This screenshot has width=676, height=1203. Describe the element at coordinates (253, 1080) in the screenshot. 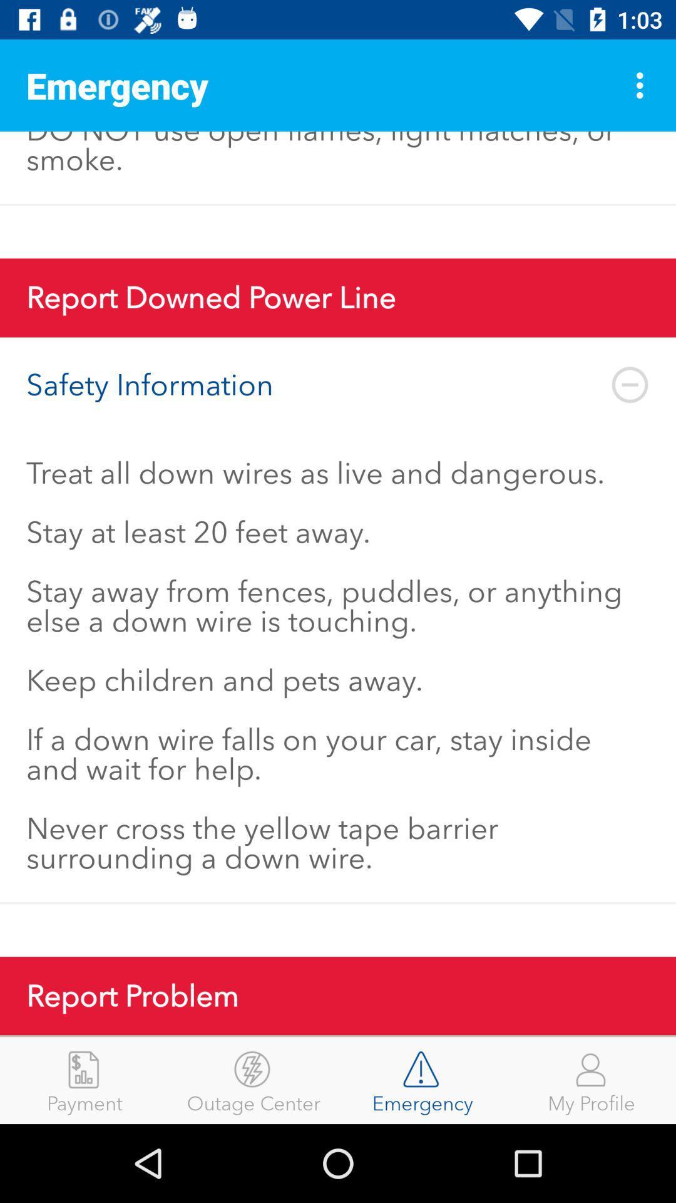

I see `outage center icon` at that location.